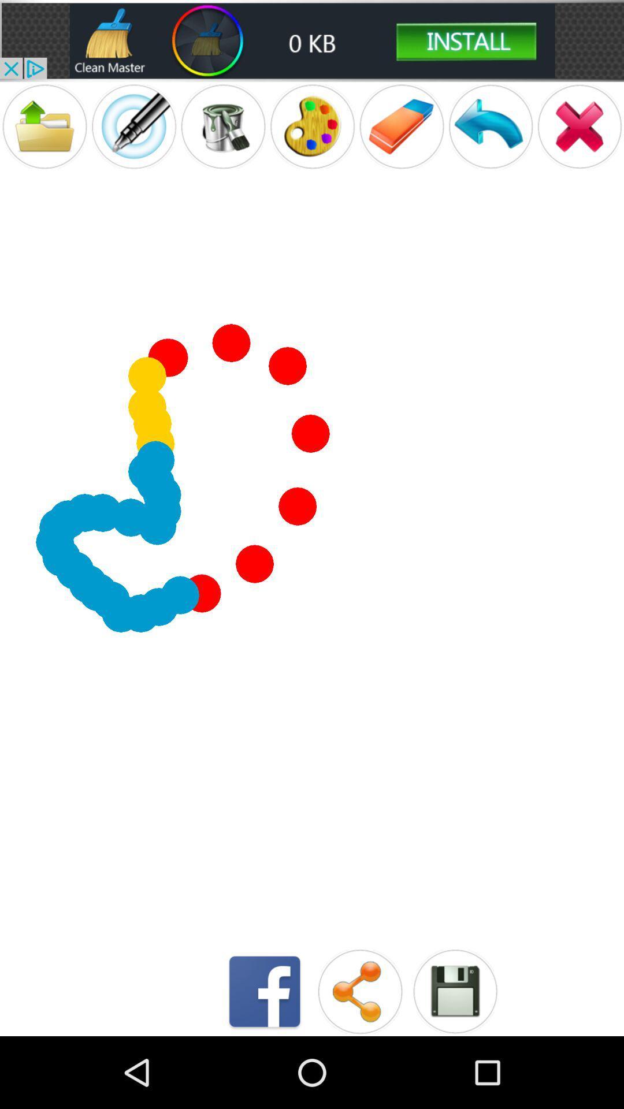  What do you see at coordinates (580, 135) in the screenshot?
I see `the close icon` at bounding box center [580, 135].